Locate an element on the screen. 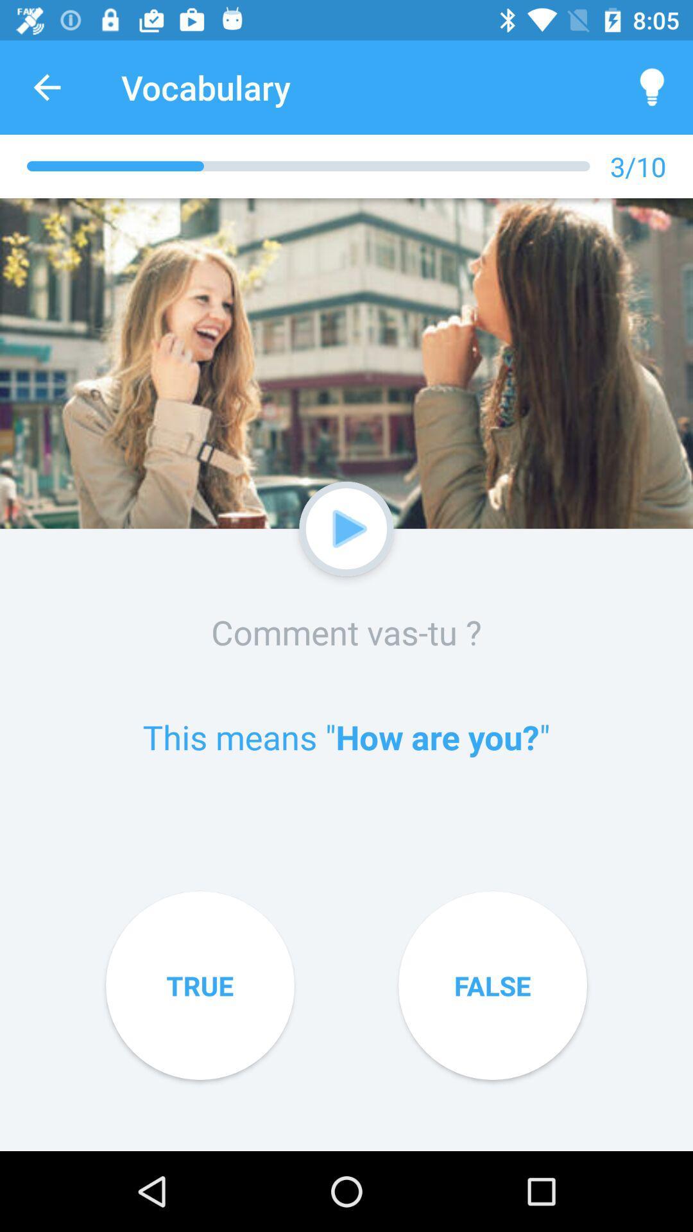 The height and width of the screenshot is (1232, 693). item above the 3/10 icon is located at coordinates (653, 87).